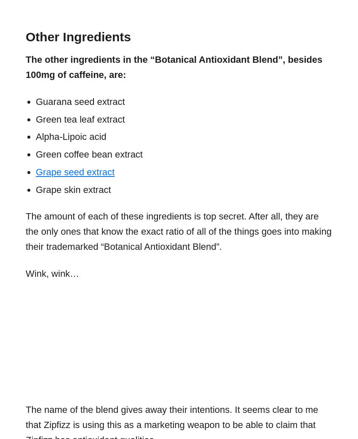 The image size is (358, 439). Describe the element at coordinates (52, 273) in the screenshot. I see `'Wink, wink…'` at that location.